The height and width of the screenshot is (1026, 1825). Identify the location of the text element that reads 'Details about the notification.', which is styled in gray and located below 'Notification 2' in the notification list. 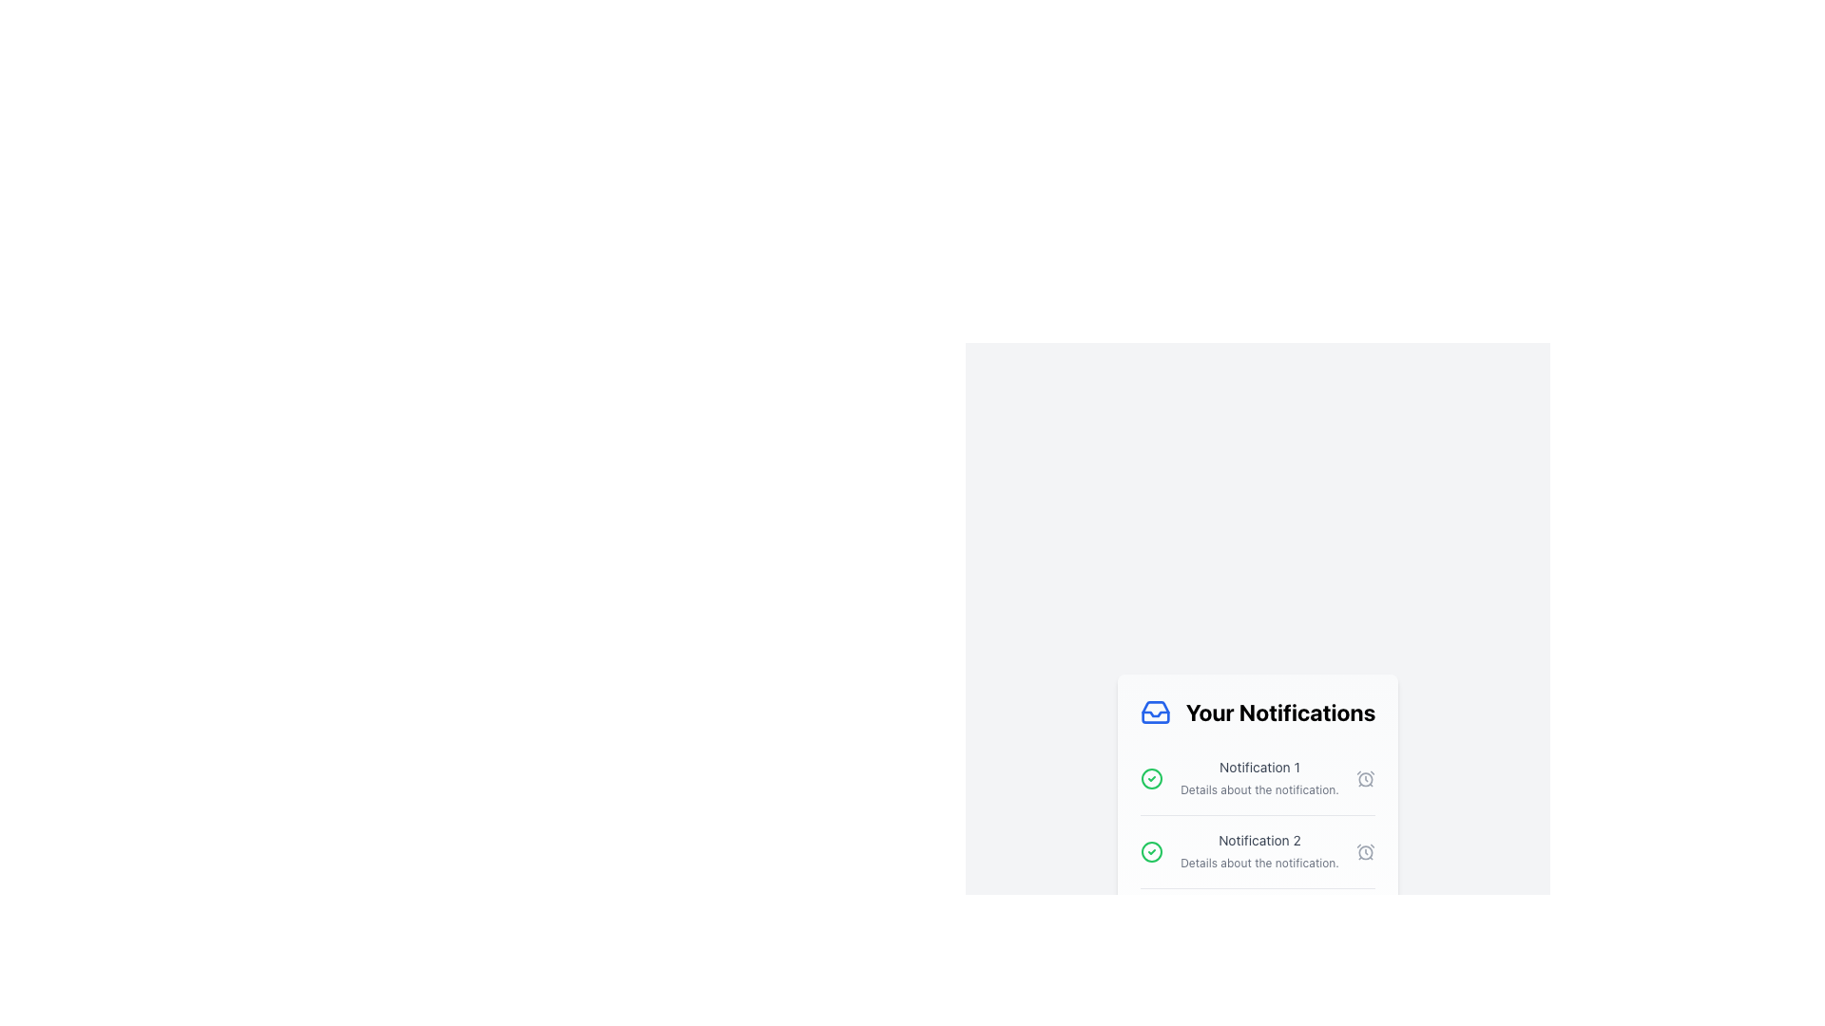
(1259, 863).